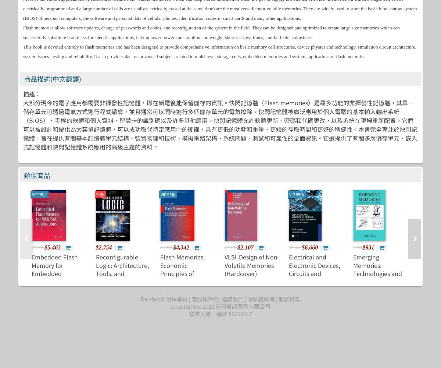 The image size is (441, 368). I want to click on 'Flash memories allow software updates, change of passwords 
  and codes, and reconfiguration of the system in the field. They can be 
  designed and optimized to create large-size memories which can successfully 
  substitute hard disks for specific applications, having lower power 
  consumption and weight, shorter access times, and far better robustness.', so click(211, 32).